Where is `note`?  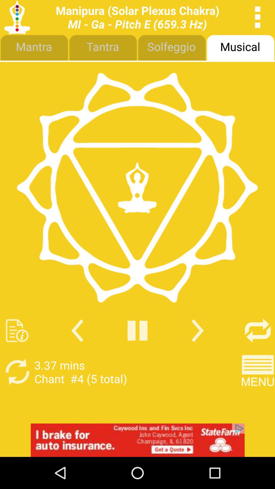
note is located at coordinates (17, 331).